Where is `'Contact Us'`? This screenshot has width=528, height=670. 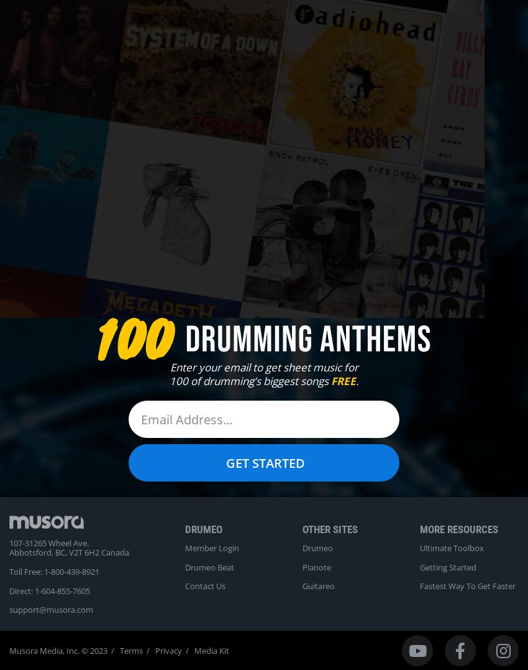
'Contact Us' is located at coordinates (205, 585).